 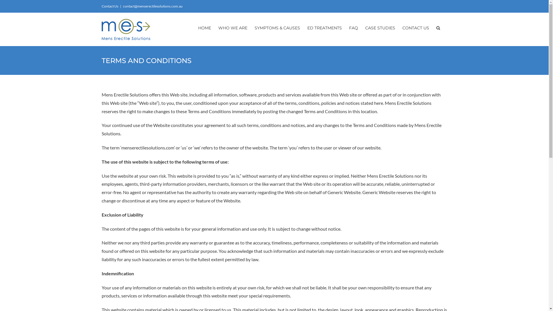 What do you see at coordinates (204, 28) in the screenshot?
I see `'HOME'` at bounding box center [204, 28].